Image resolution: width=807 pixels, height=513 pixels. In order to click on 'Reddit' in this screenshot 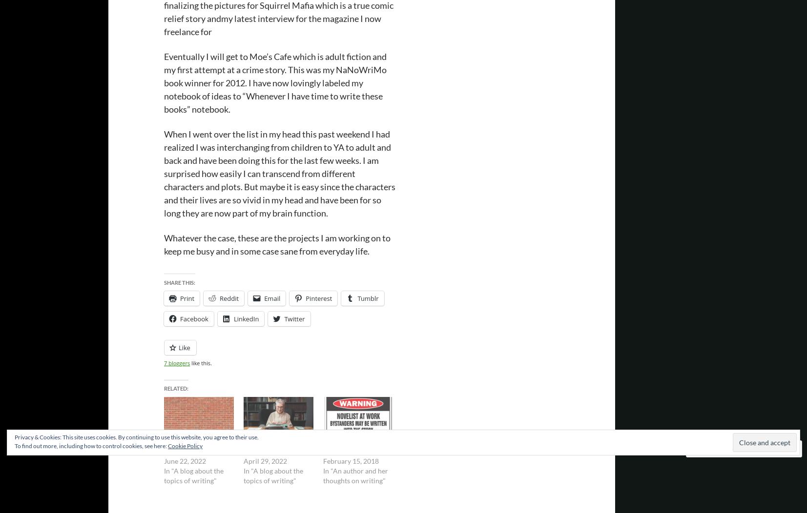, I will do `click(228, 297)`.